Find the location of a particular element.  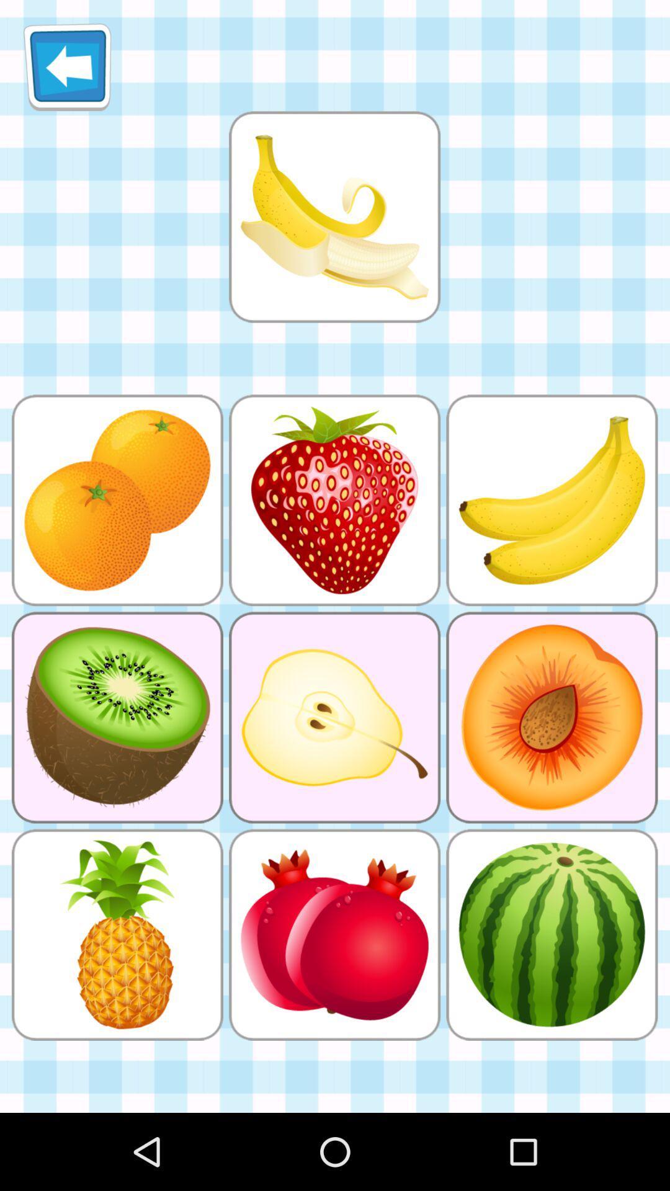

peeled banana is located at coordinates (334, 216).